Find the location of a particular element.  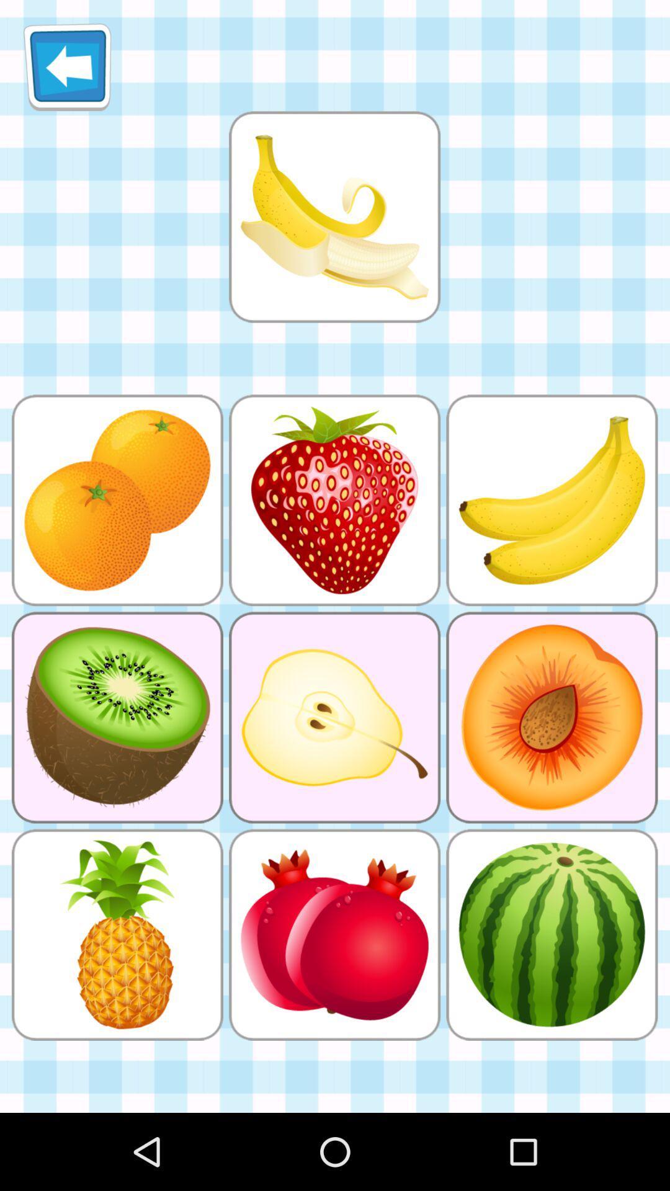

peeled banana is located at coordinates (334, 216).